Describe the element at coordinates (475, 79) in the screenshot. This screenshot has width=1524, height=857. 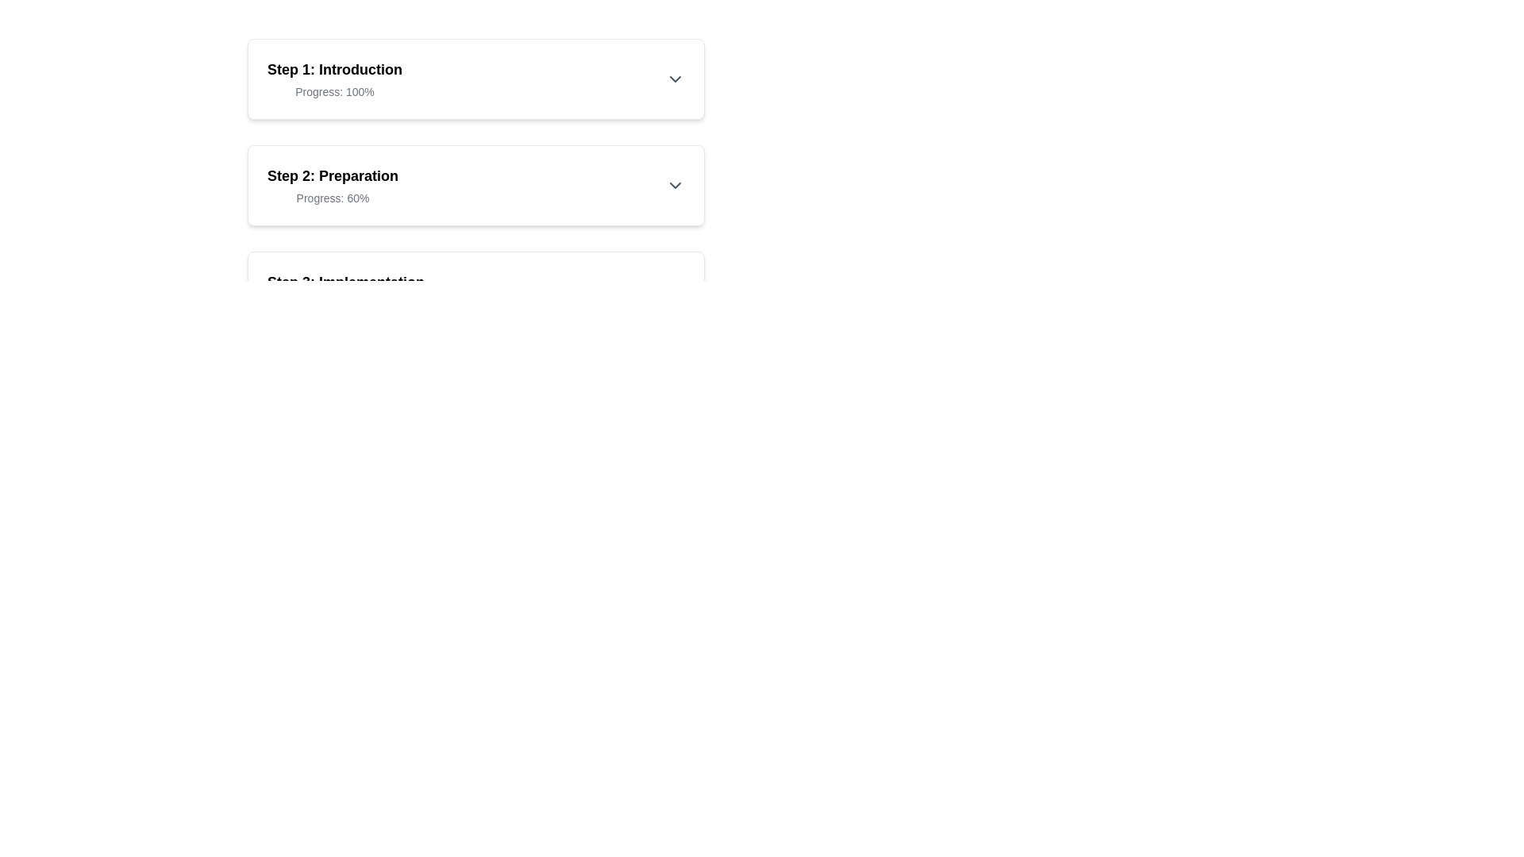
I see `the Informational card that displays 'Step 1: Introduction' and 'Progress: 100%', located at the top of the stack of three cards` at that location.